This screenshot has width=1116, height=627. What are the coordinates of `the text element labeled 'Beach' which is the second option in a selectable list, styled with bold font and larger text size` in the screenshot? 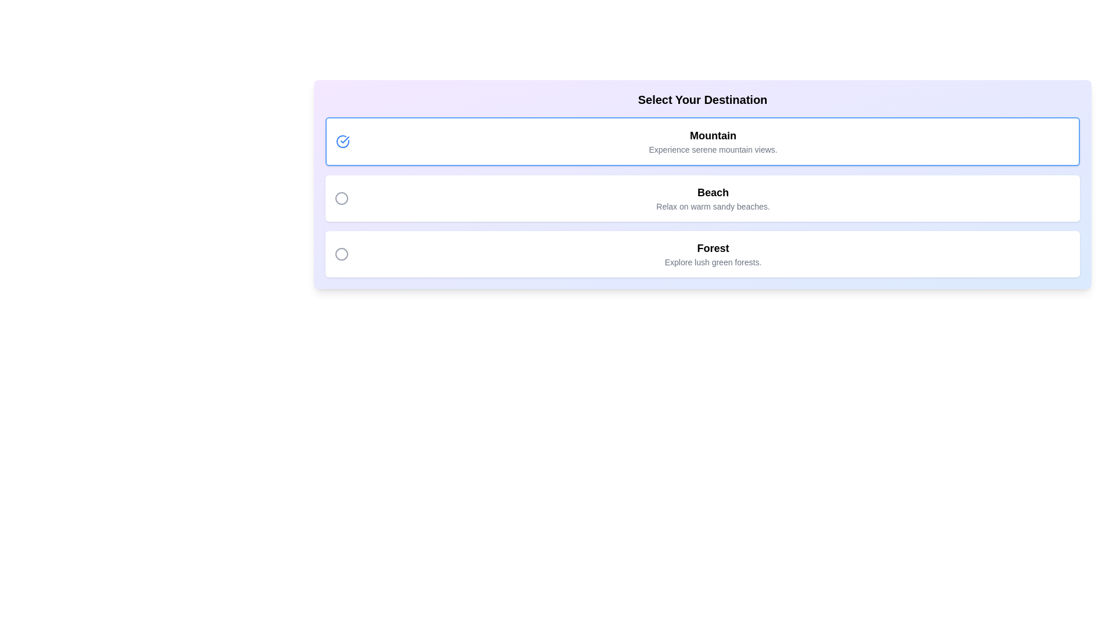 It's located at (713, 192).